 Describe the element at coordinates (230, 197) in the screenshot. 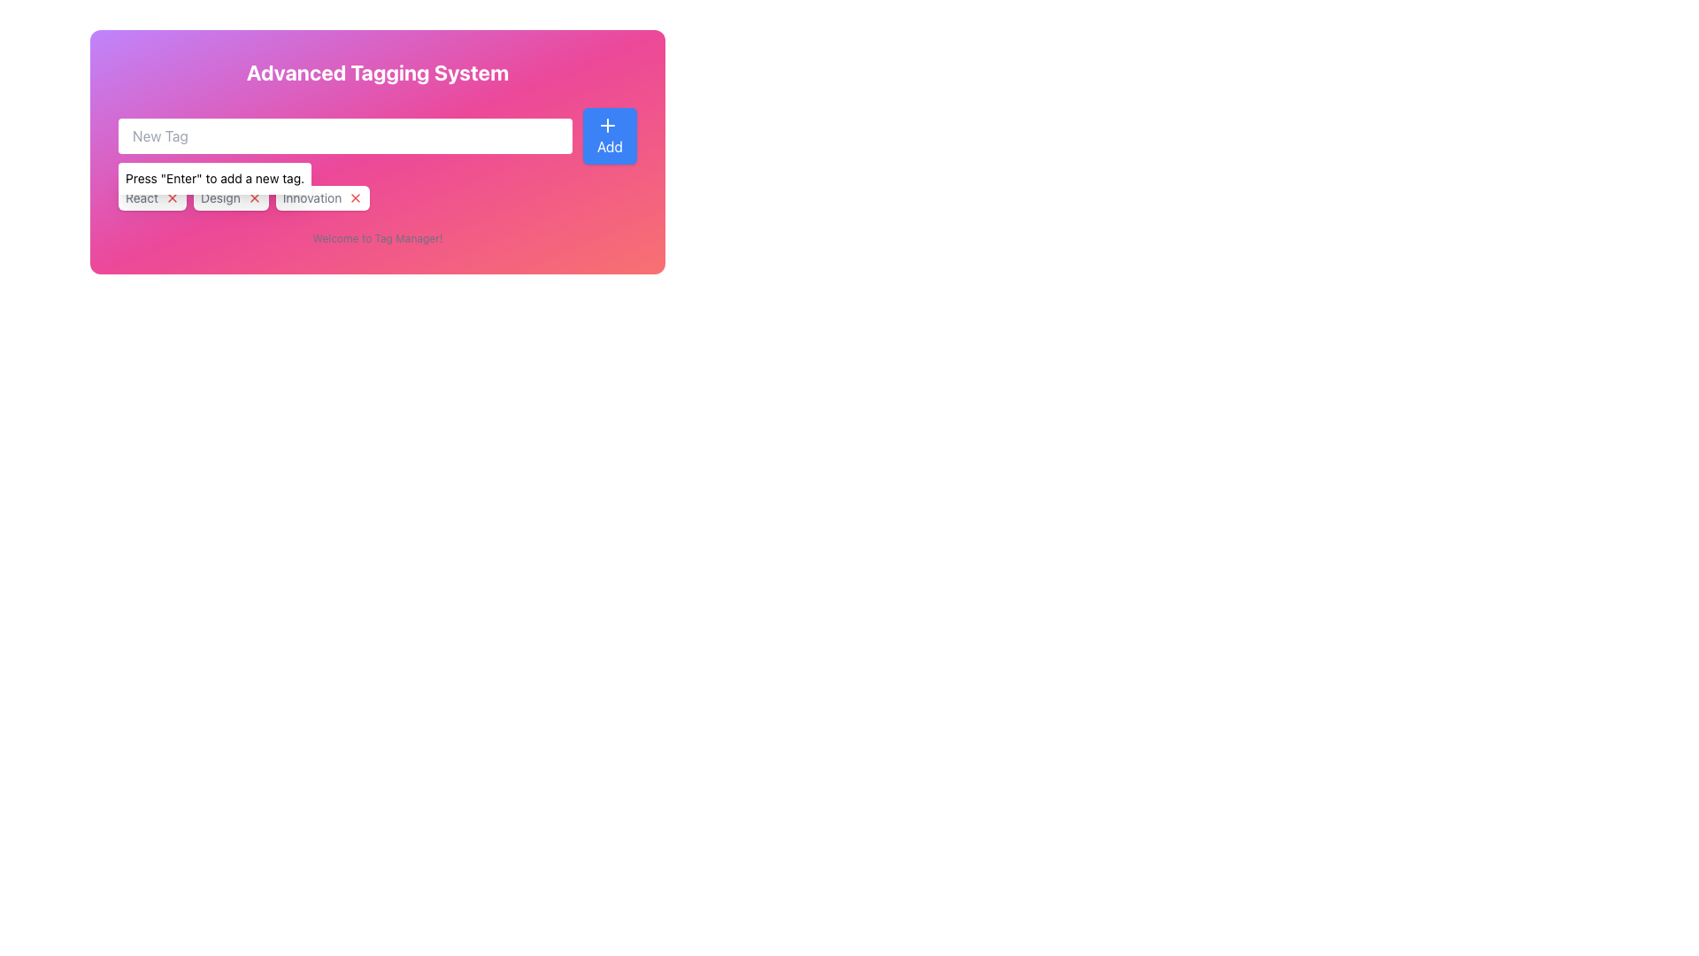

I see `the tag displaying the text 'Design' which is the second in a horizontal row of three tags` at that location.